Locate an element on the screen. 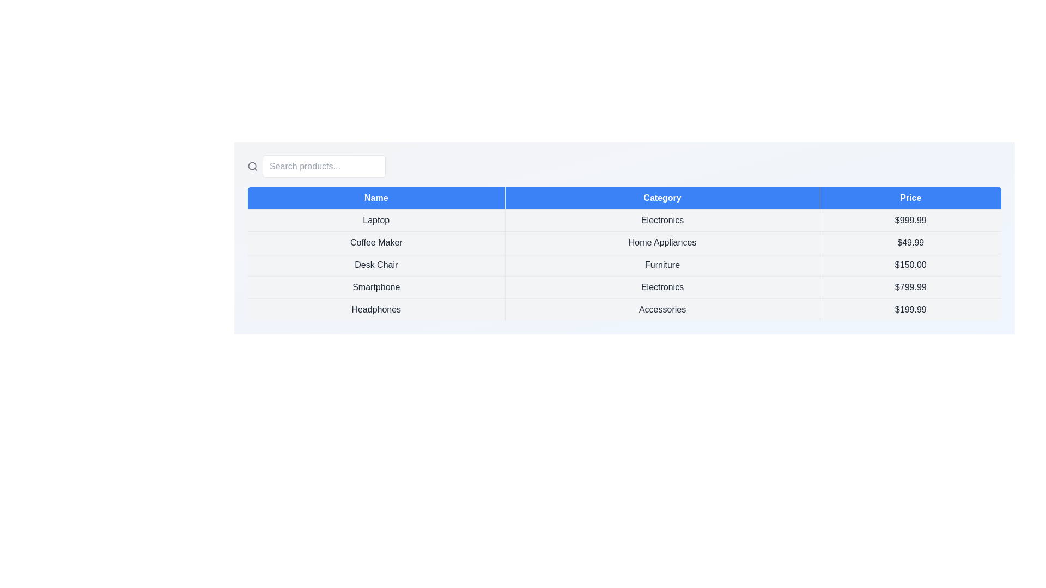 The image size is (1046, 588). the first row in the table that describes the product 'Laptop' under the category 'Electronics' with a price of '$999.99' is located at coordinates (624, 220).